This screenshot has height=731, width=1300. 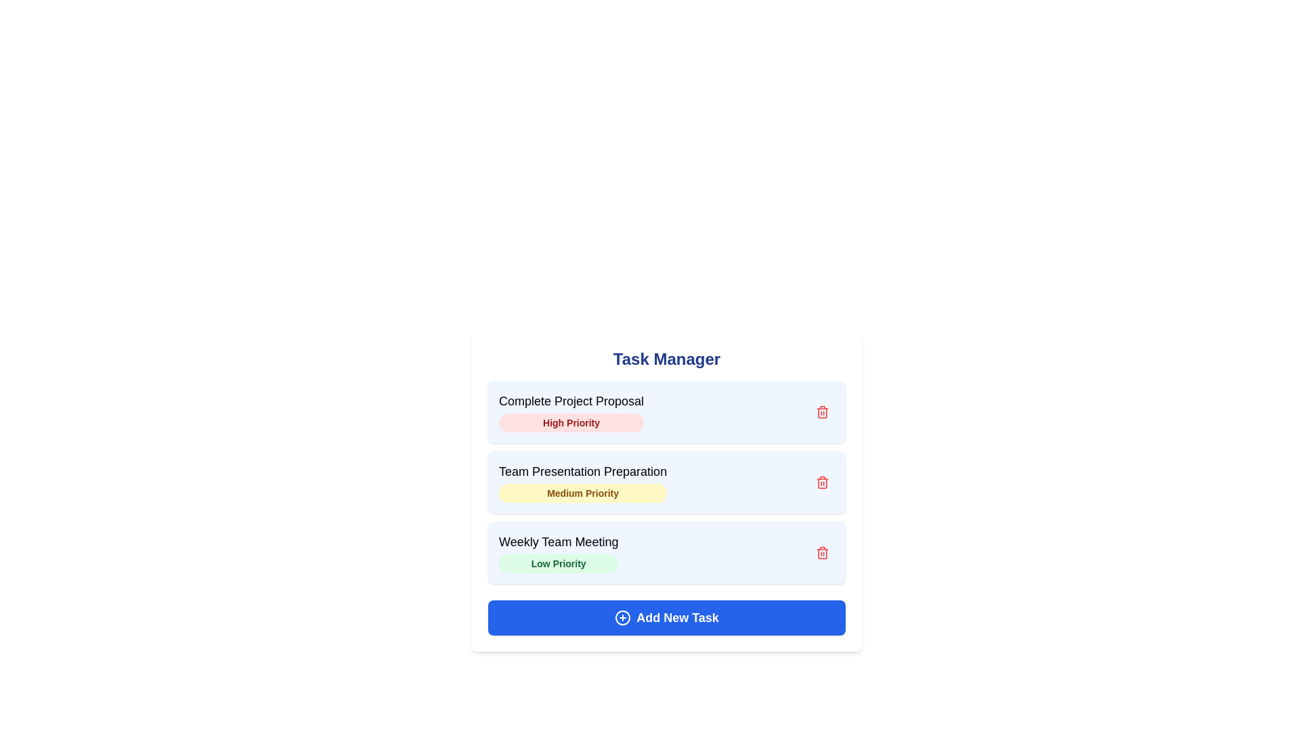 I want to click on the 'Add New Task' button to initiate the task addition process, so click(x=666, y=618).